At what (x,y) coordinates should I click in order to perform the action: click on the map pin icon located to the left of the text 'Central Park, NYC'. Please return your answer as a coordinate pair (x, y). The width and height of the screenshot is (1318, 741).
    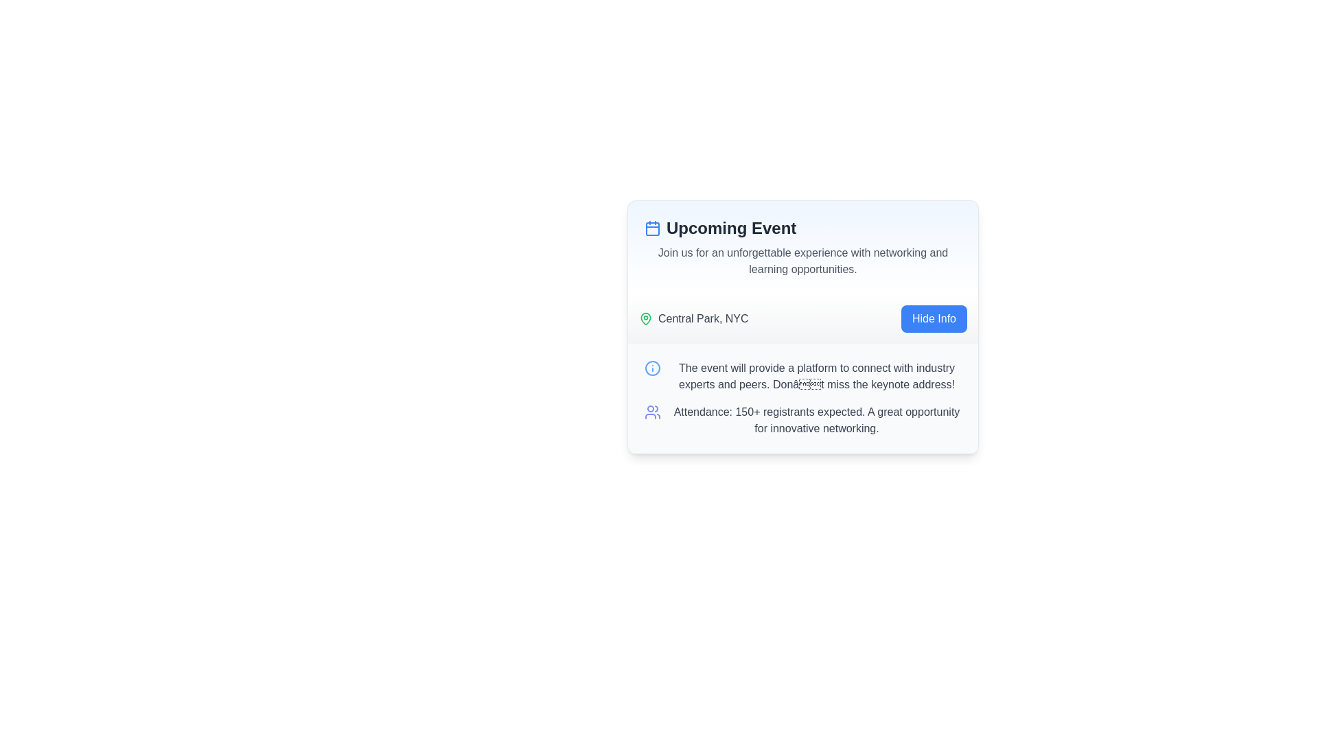
    Looking at the image, I should click on (645, 319).